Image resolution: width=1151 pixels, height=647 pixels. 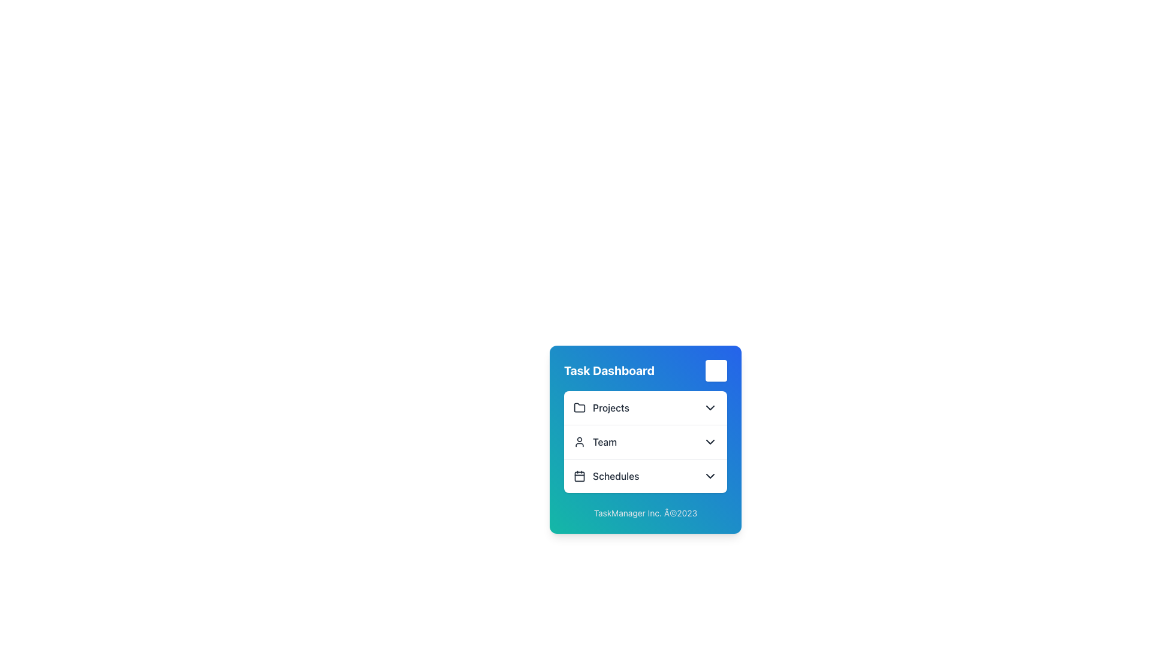 I want to click on text label indicating the 'Projects' section, which is located in the second row of the menu, to the right of the folder icon and below the 'Task Dashboard' title, so click(x=611, y=407).